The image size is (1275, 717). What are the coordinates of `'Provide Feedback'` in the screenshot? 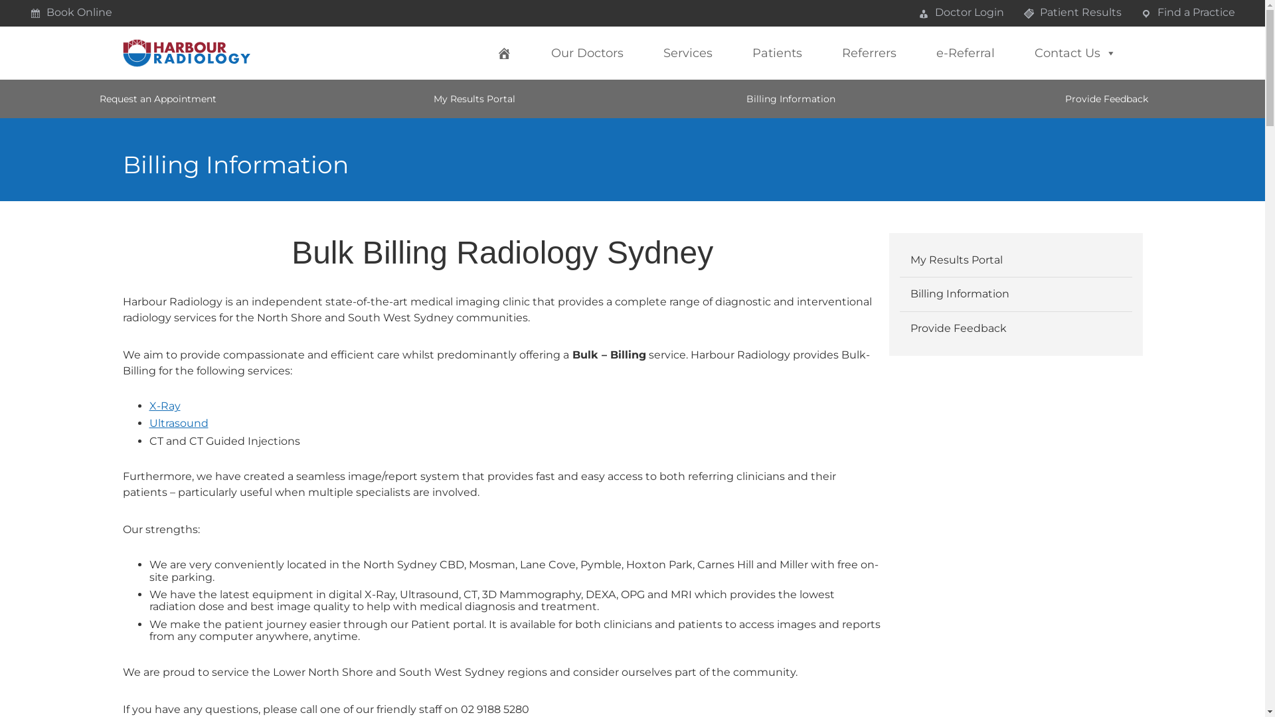 It's located at (1106, 98).